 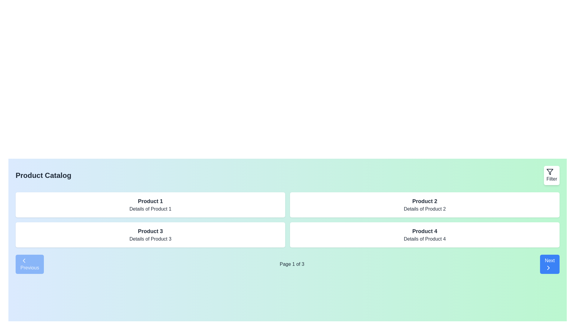 I want to click on the title/header text element reading 'Product 3', so click(x=150, y=231).